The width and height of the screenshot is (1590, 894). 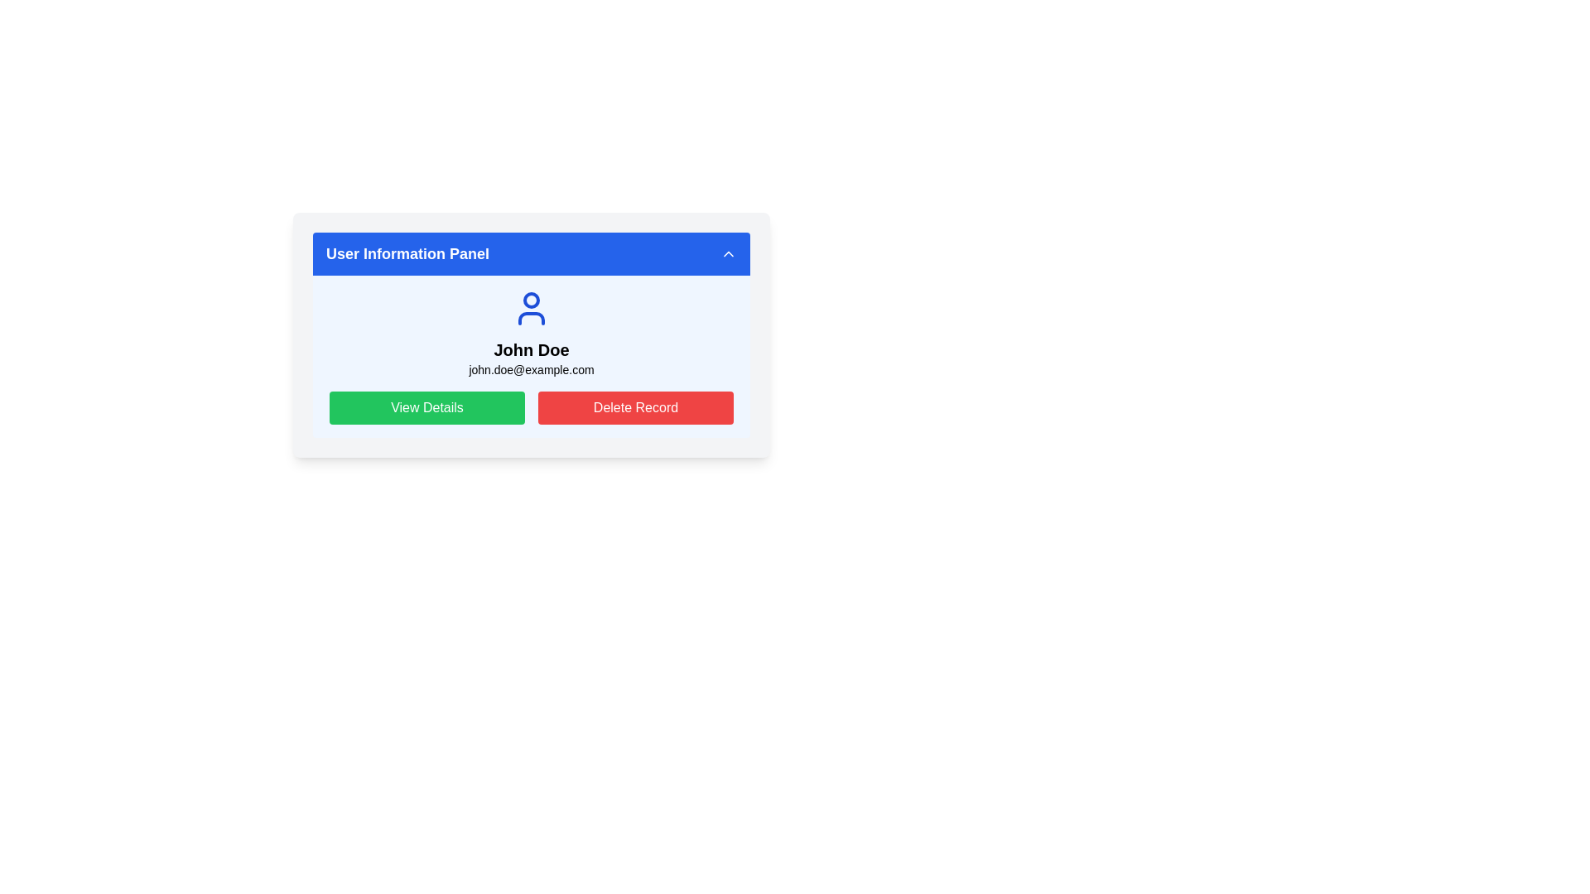 What do you see at coordinates (728, 254) in the screenshot?
I see `the button at the far right end of the 'User Information Panel' title bar` at bounding box center [728, 254].